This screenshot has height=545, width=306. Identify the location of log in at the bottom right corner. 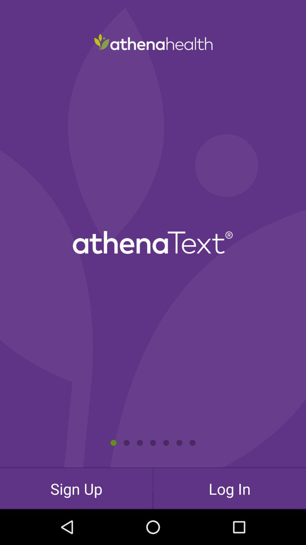
(229, 488).